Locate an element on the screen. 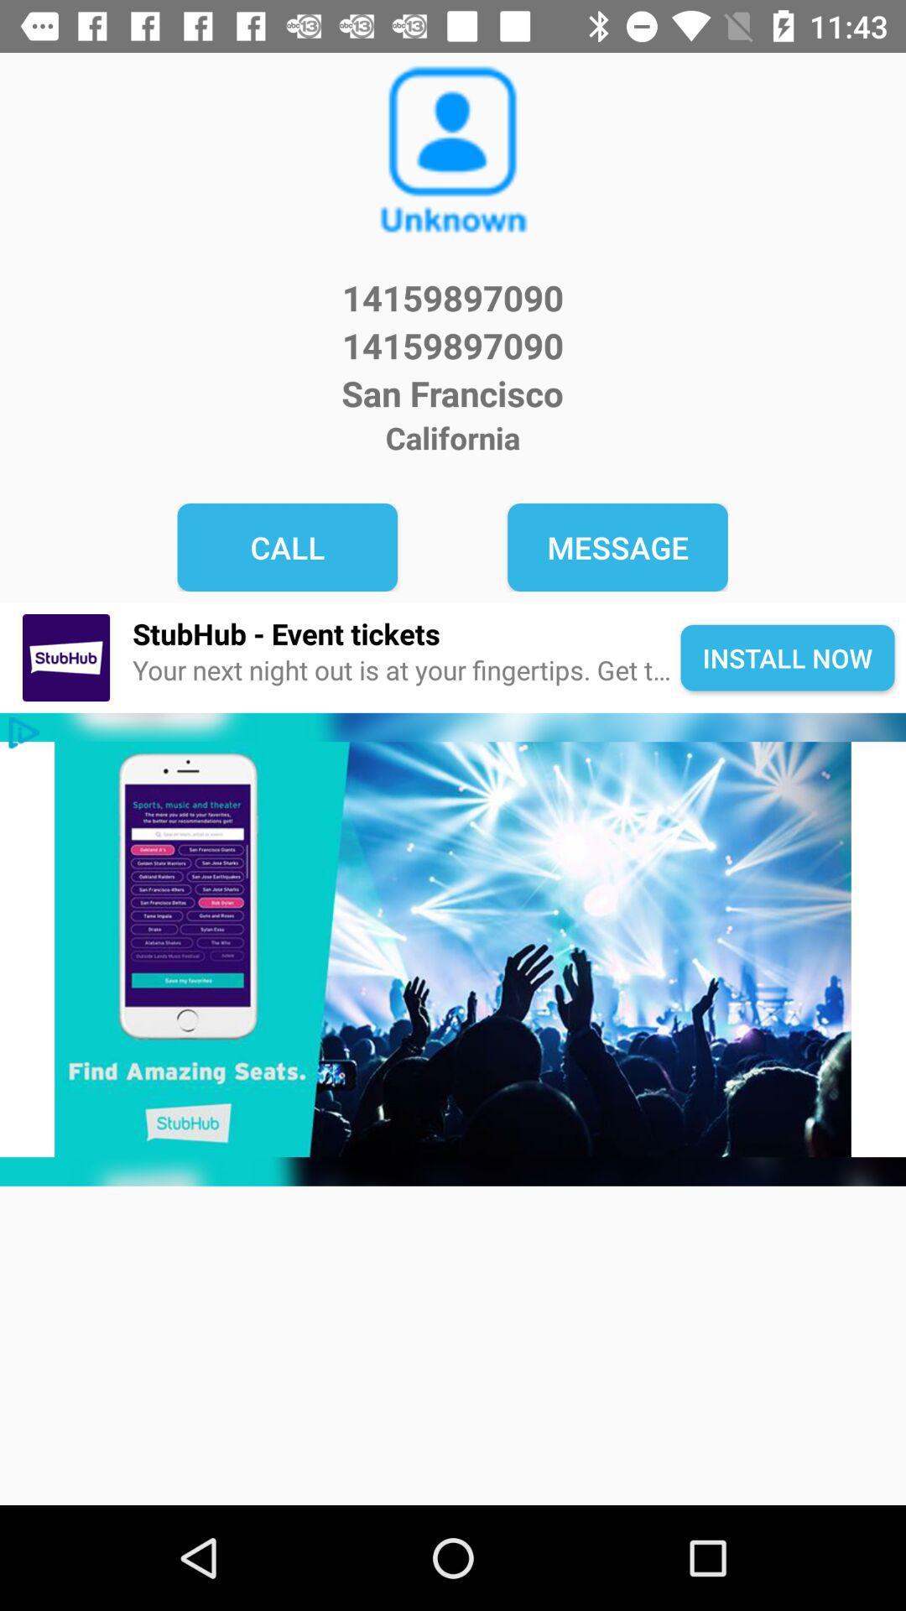 Image resolution: width=906 pixels, height=1611 pixels. the install now is located at coordinates (787, 657).